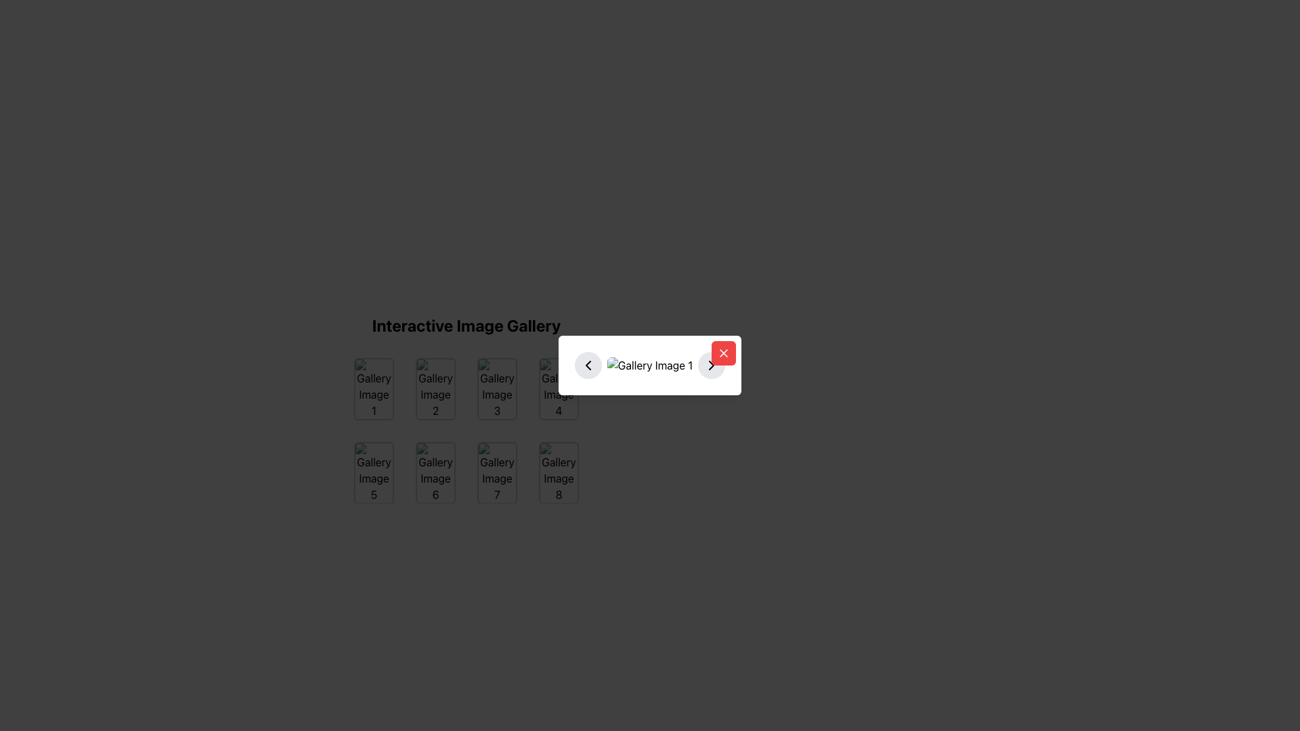 The width and height of the screenshot is (1300, 731). Describe the element at coordinates (435, 389) in the screenshot. I see `the interactive card representing an image in the gallery located in the first row and second column` at that location.